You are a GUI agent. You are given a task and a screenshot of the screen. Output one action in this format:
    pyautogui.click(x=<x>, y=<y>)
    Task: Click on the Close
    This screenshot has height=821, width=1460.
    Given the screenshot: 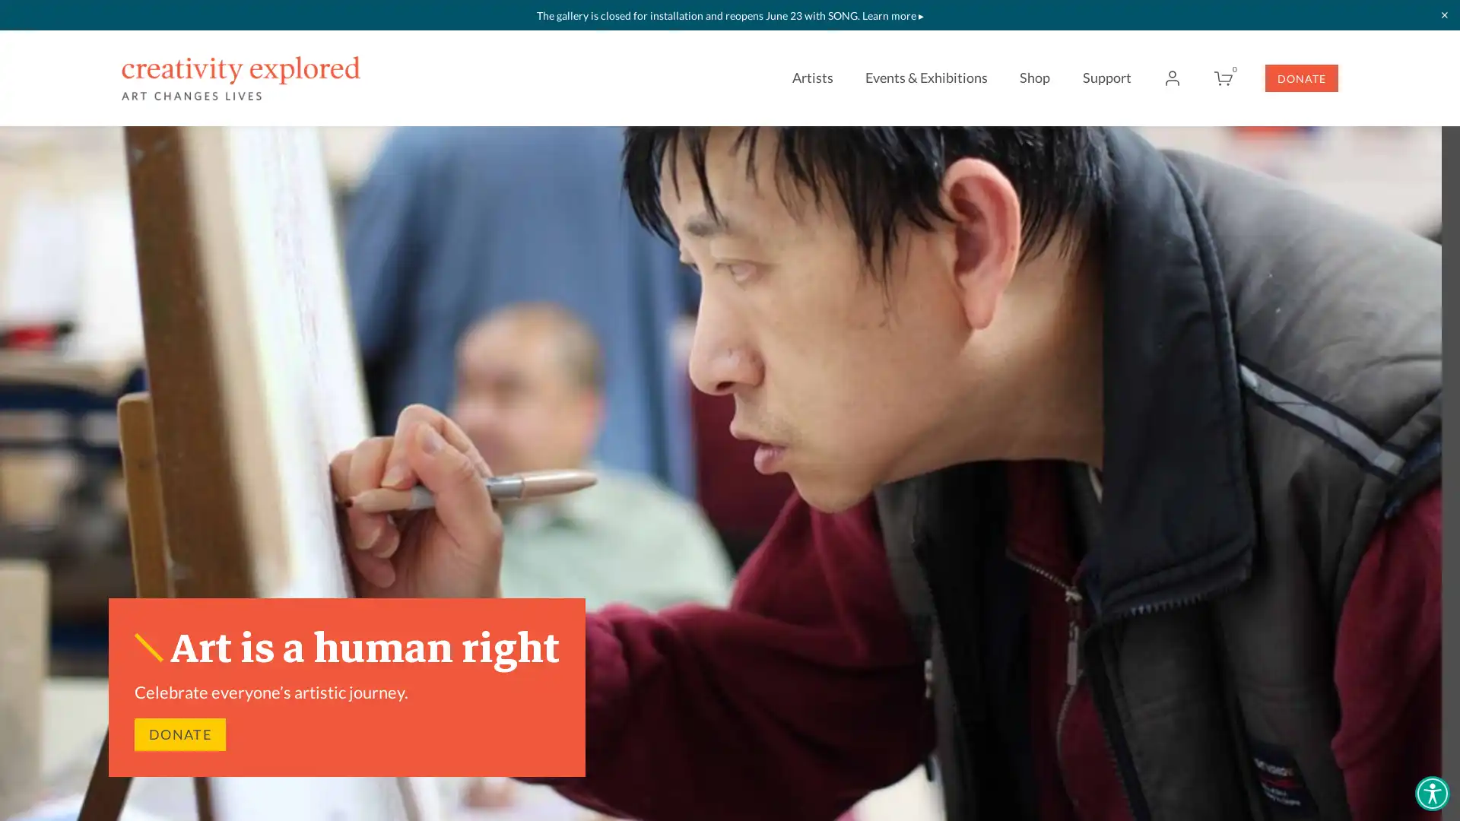 What is the action you would take?
    pyautogui.click(x=997, y=148)
    